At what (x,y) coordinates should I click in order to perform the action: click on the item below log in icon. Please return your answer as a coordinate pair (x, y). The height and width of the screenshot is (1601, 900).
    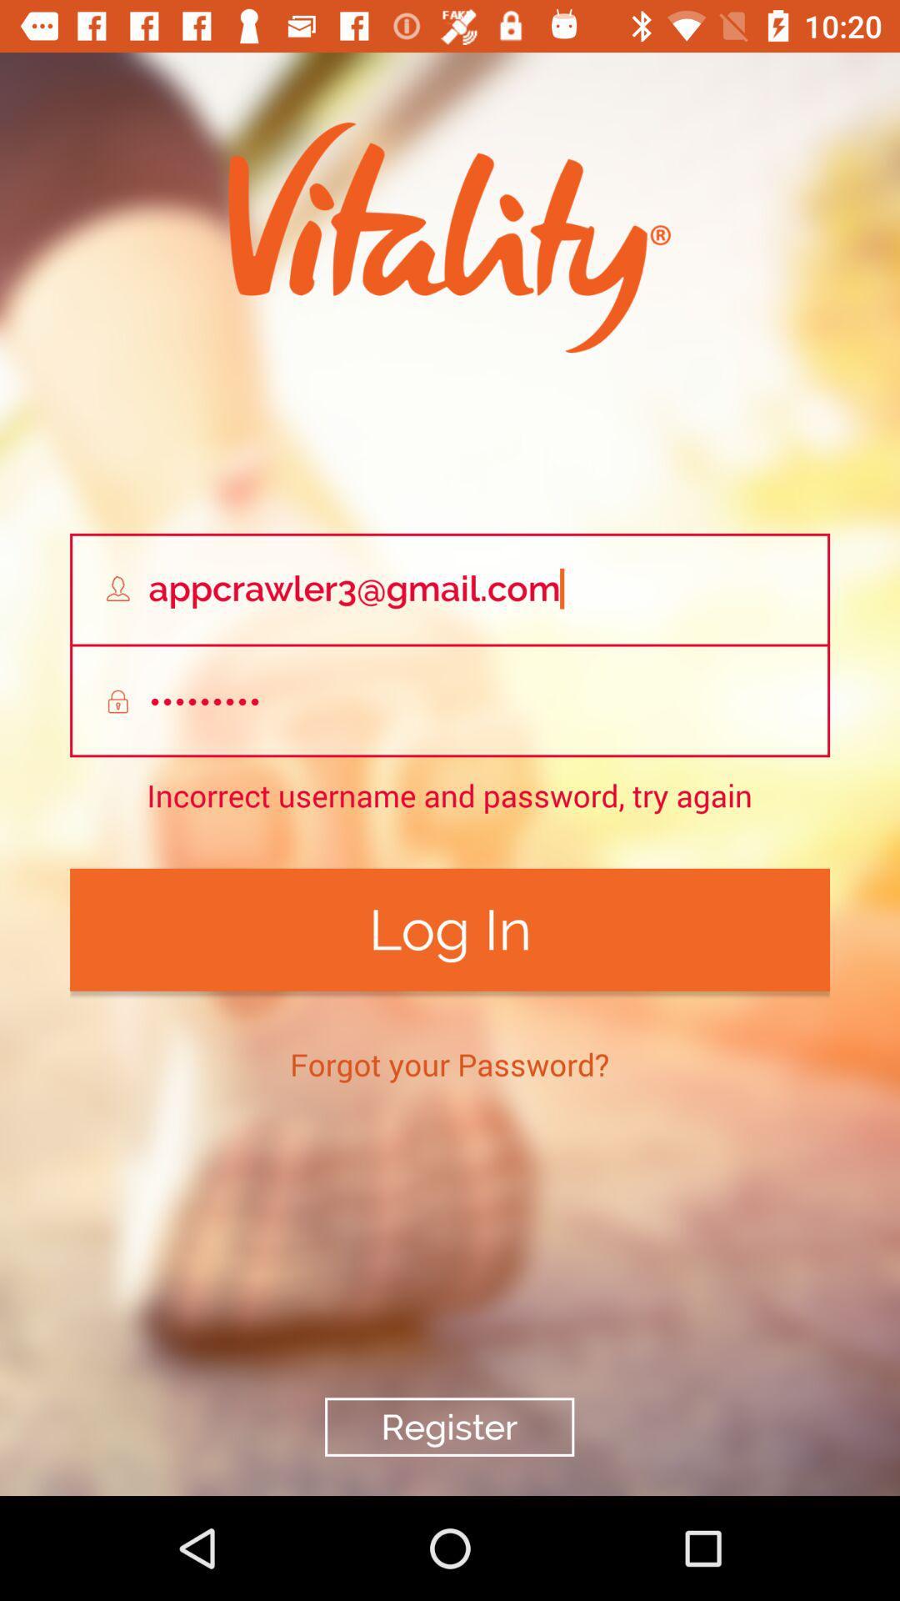
    Looking at the image, I should click on (448, 1063).